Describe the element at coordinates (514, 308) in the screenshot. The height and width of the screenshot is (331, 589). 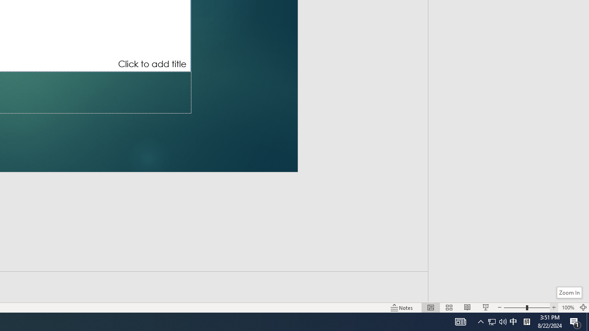
I see `'Zoom Out'` at that location.